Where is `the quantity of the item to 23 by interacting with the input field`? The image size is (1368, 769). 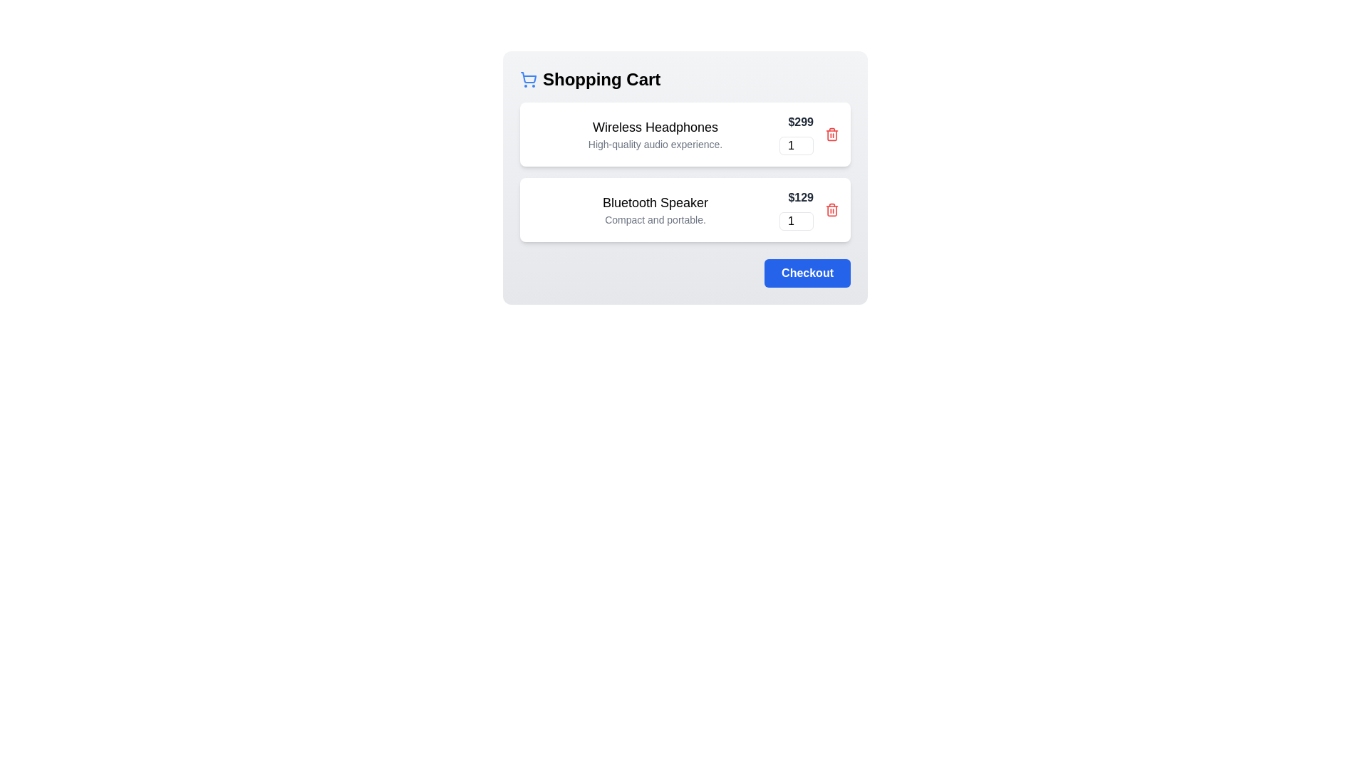
the quantity of the item to 23 by interacting with the input field is located at coordinates (796, 145).